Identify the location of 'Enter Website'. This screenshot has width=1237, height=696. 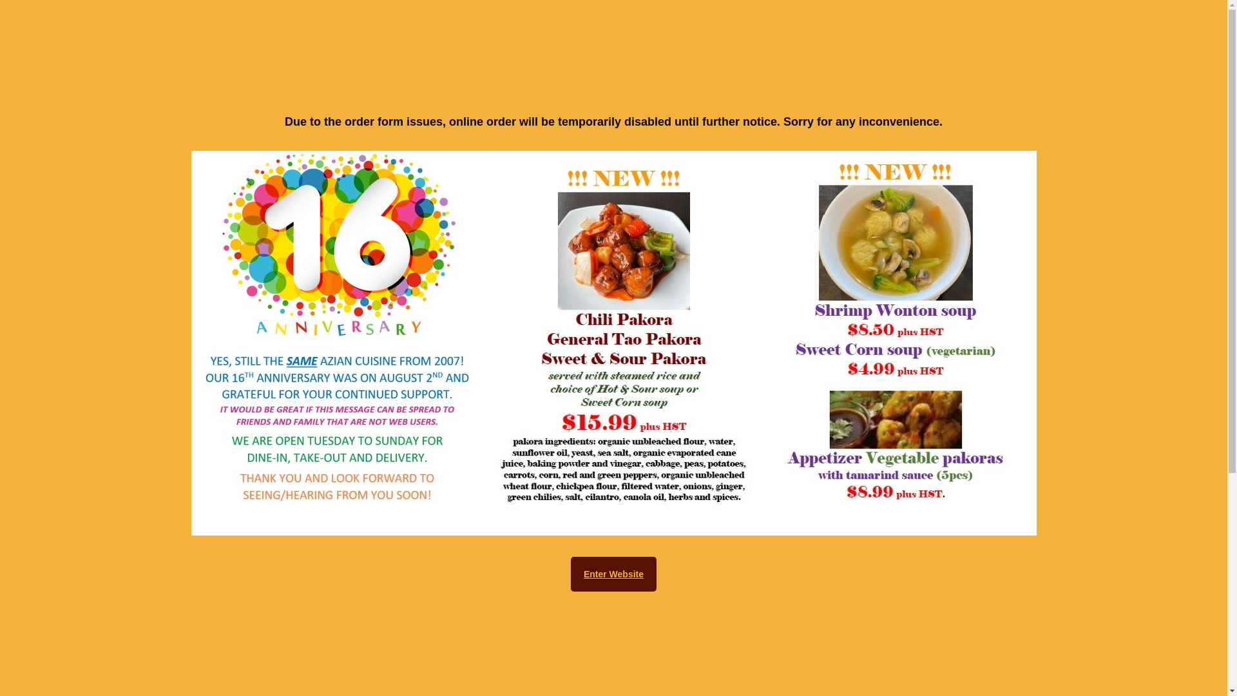
(613, 574).